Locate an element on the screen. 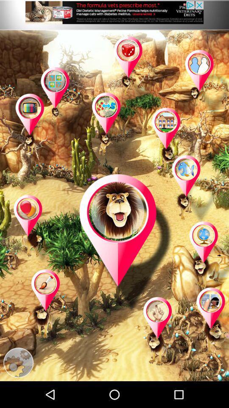 This screenshot has width=229, height=408. open page is located at coordinates (126, 244).